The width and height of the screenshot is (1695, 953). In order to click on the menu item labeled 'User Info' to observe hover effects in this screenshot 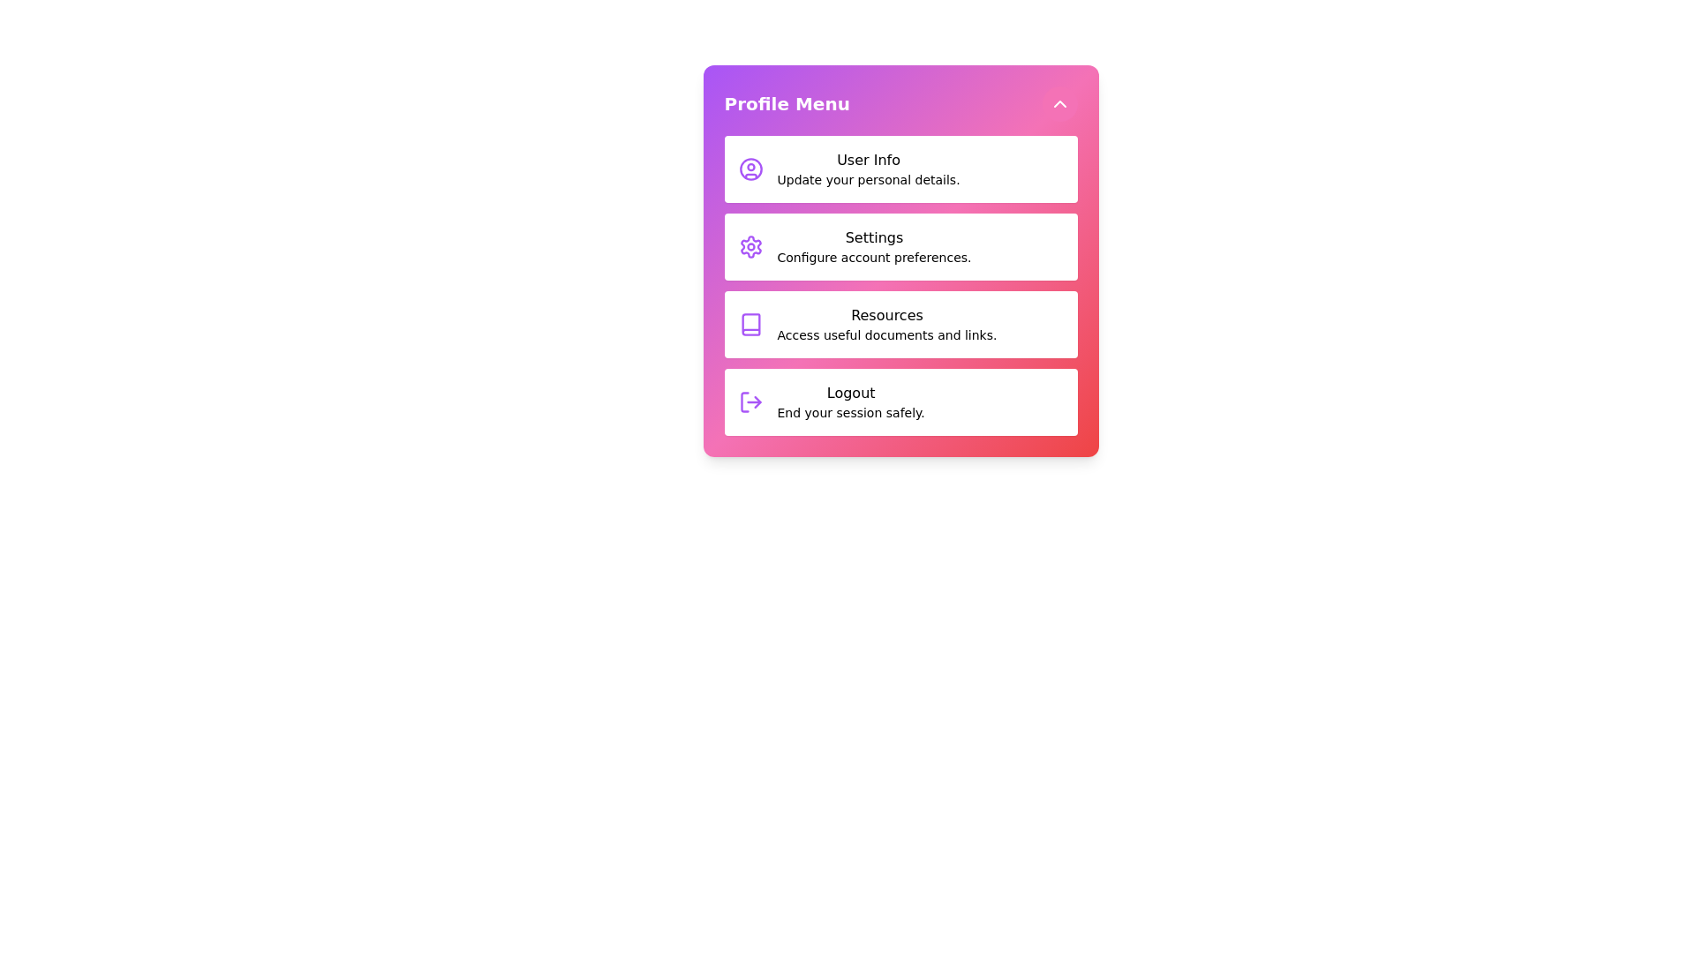, I will do `click(900, 169)`.